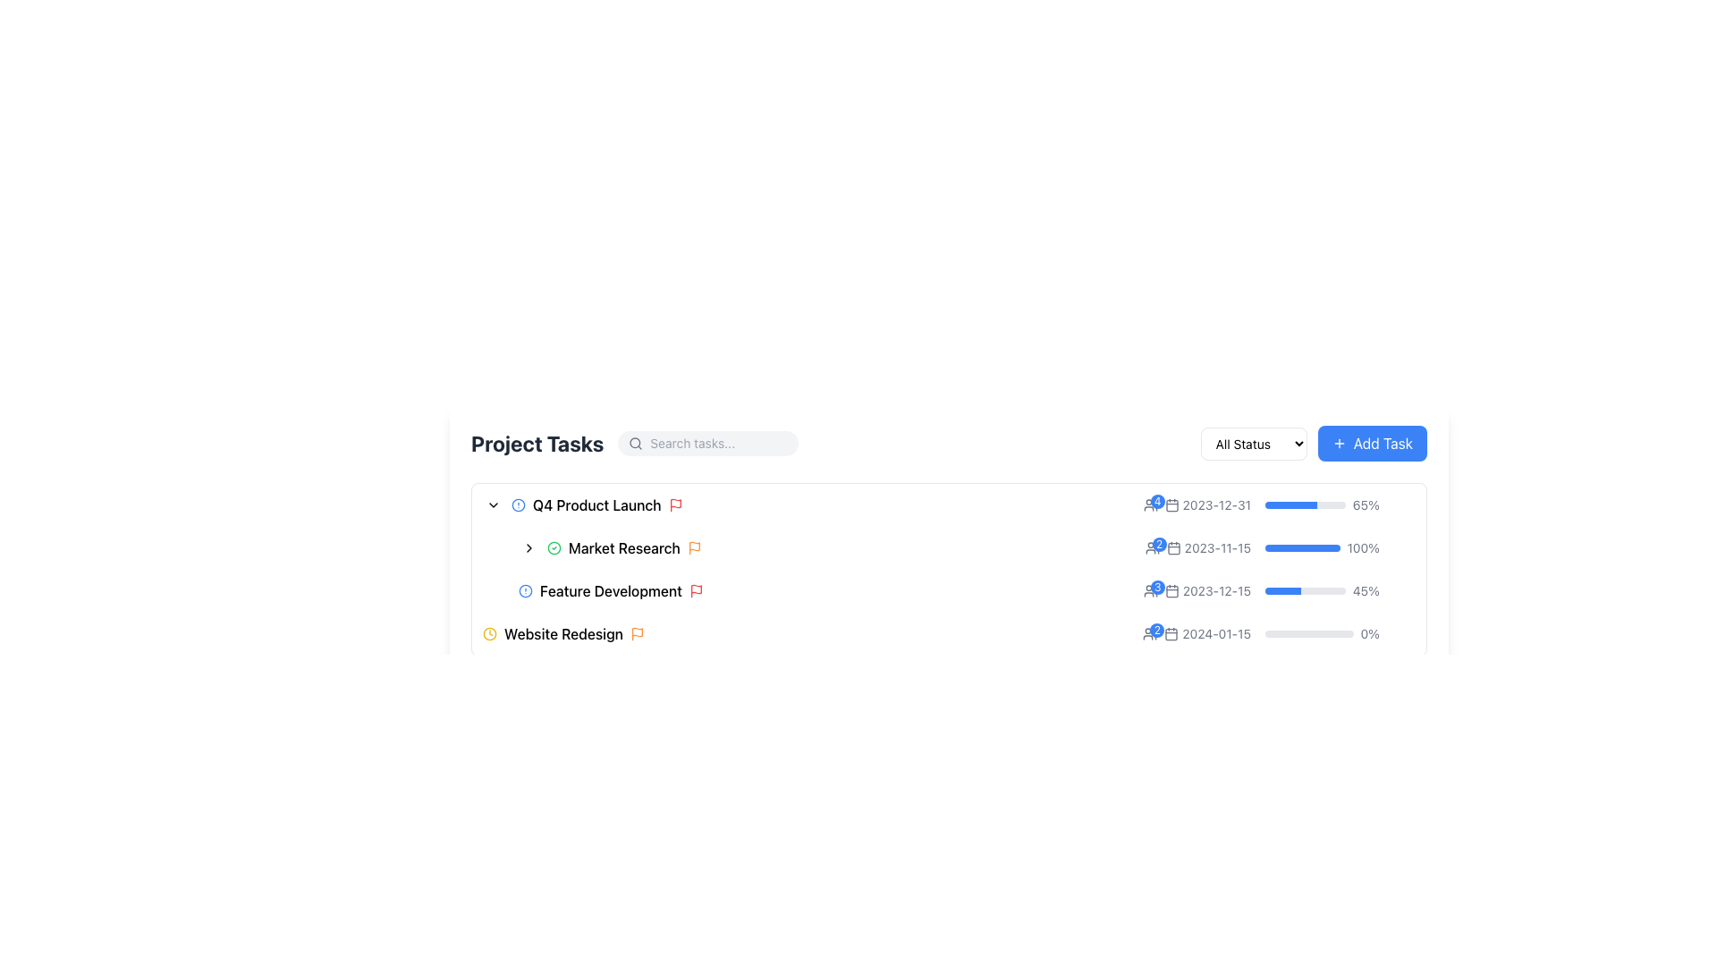 The image size is (1717, 966). Describe the element at coordinates (553, 547) in the screenshot. I see `the status icon indicating the completion of the 'Market Research' task, which is positioned to the left of the text 'Market Research'` at that location.